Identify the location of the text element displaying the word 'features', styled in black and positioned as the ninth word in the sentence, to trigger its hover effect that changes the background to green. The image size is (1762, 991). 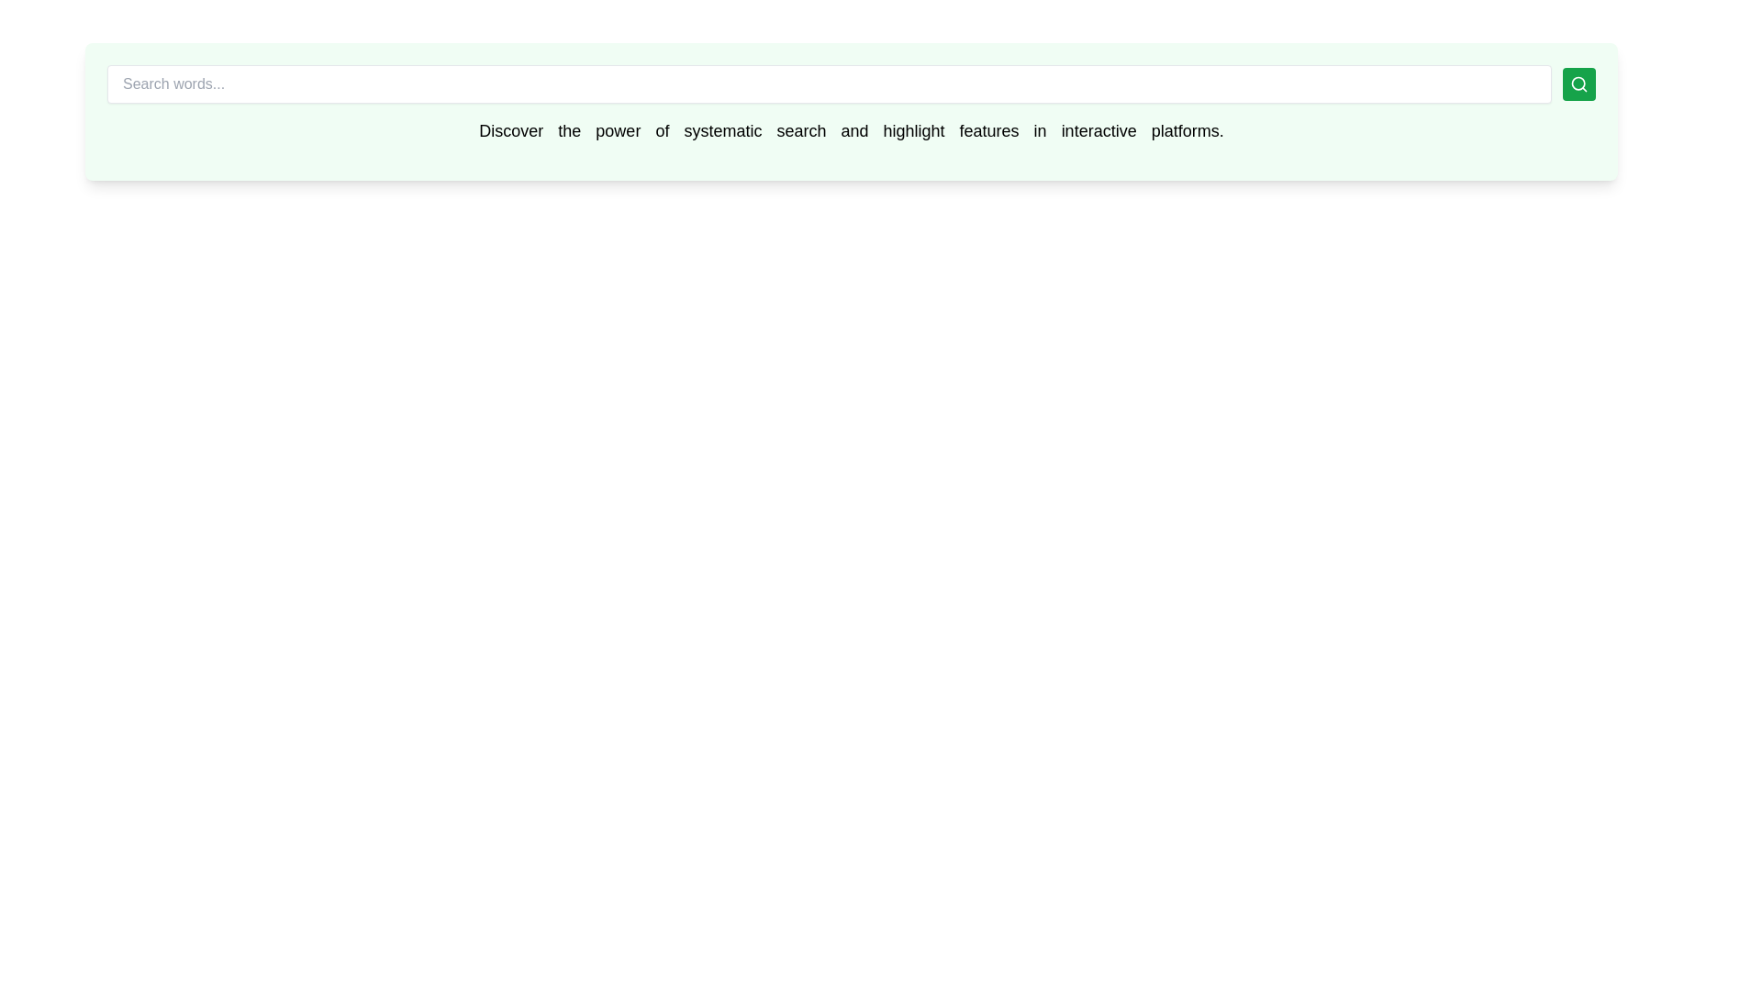
(988, 129).